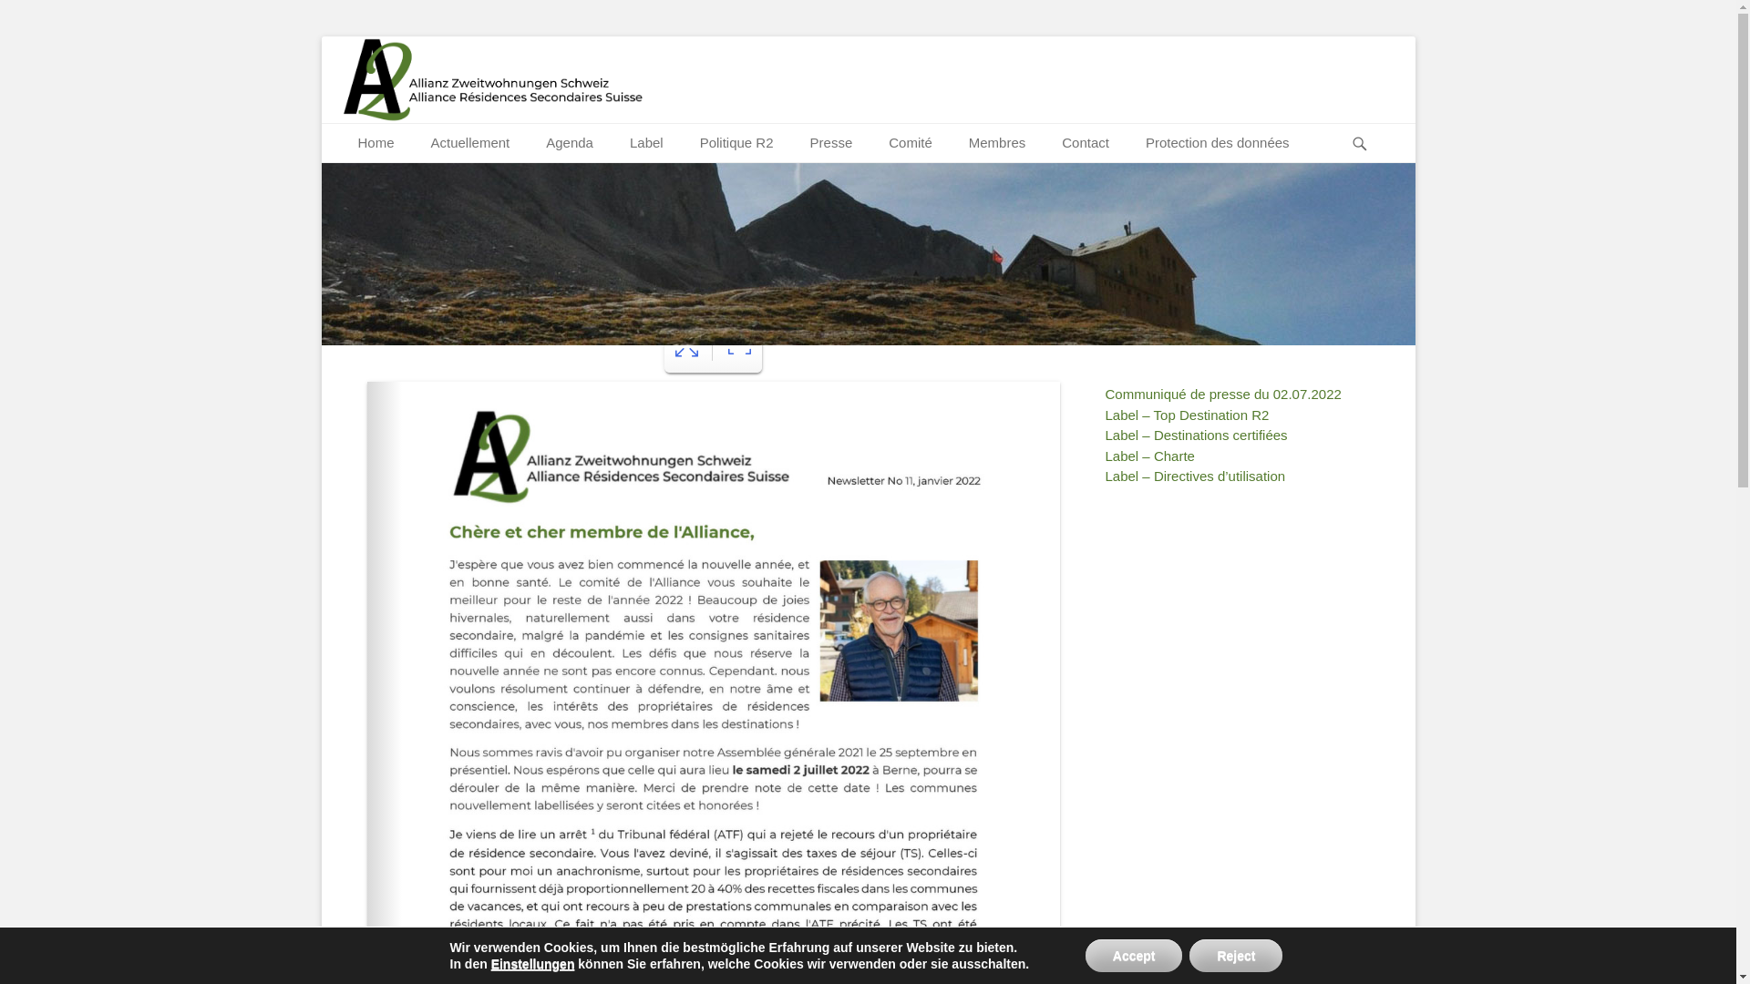  Describe the element at coordinates (1085, 955) in the screenshot. I see `'Accept'` at that location.